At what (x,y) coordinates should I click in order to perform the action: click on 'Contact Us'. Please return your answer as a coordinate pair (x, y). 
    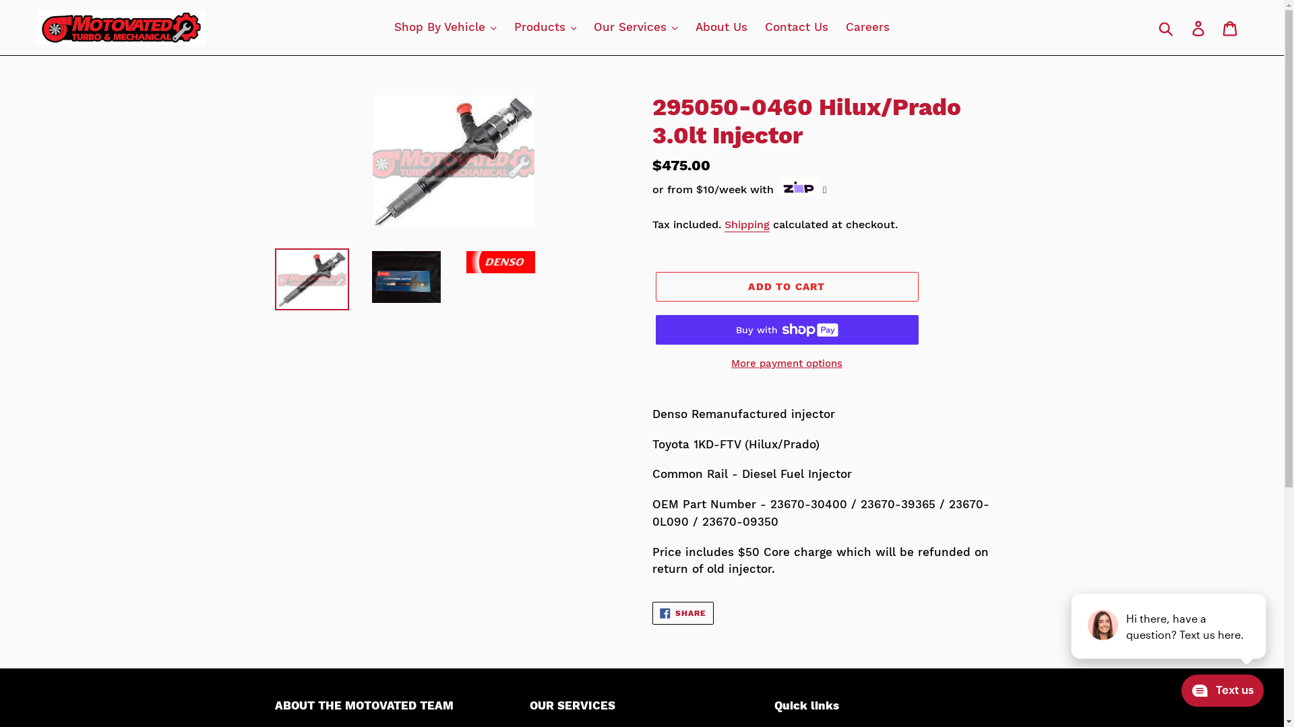
    Looking at the image, I should click on (796, 28).